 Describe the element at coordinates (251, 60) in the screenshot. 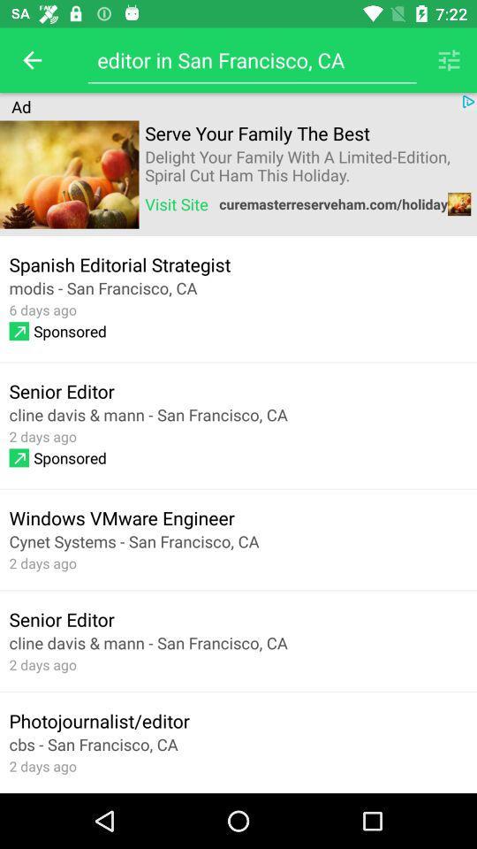

I see `editor in san icon` at that location.